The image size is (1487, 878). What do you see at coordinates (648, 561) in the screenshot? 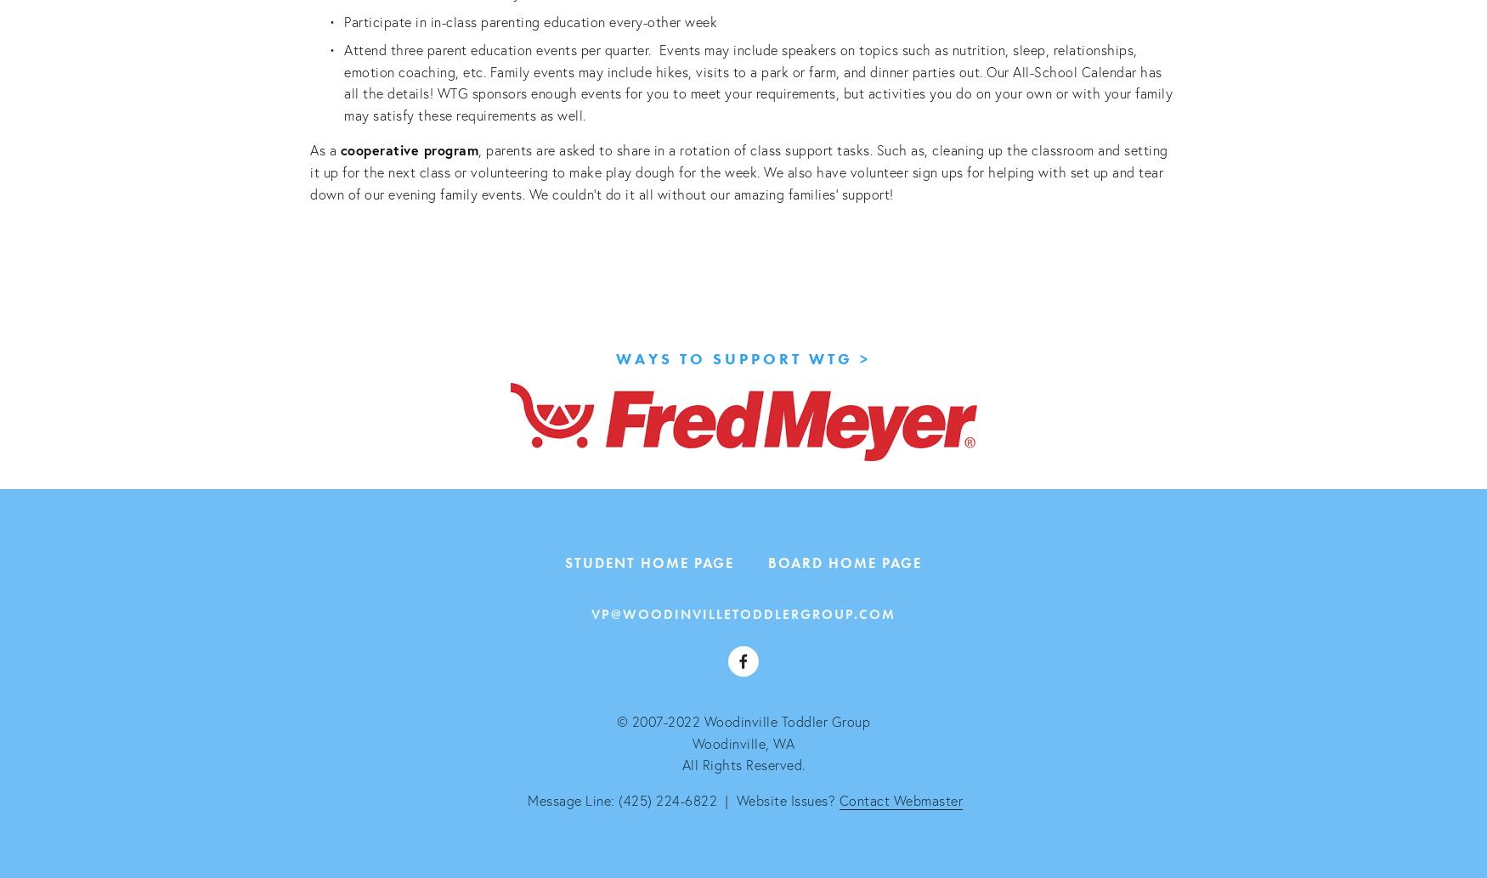
I see `'Student Home Page'` at bounding box center [648, 561].